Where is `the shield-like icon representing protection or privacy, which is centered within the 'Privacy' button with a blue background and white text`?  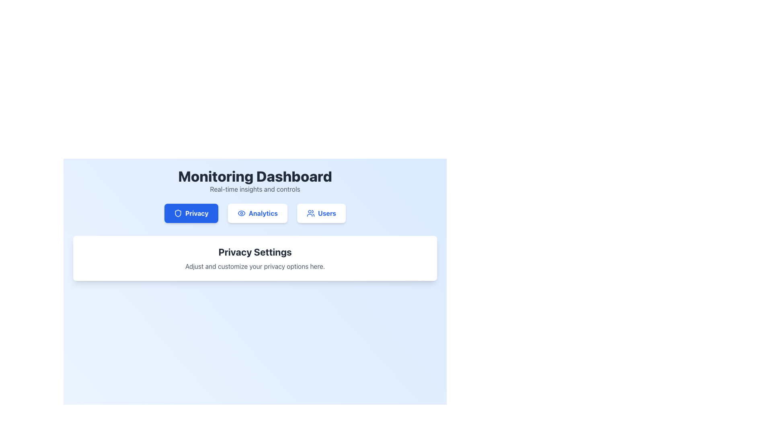 the shield-like icon representing protection or privacy, which is centered within the 'Privacy' button with a blue background and white text is located at coordinates (177, 213).